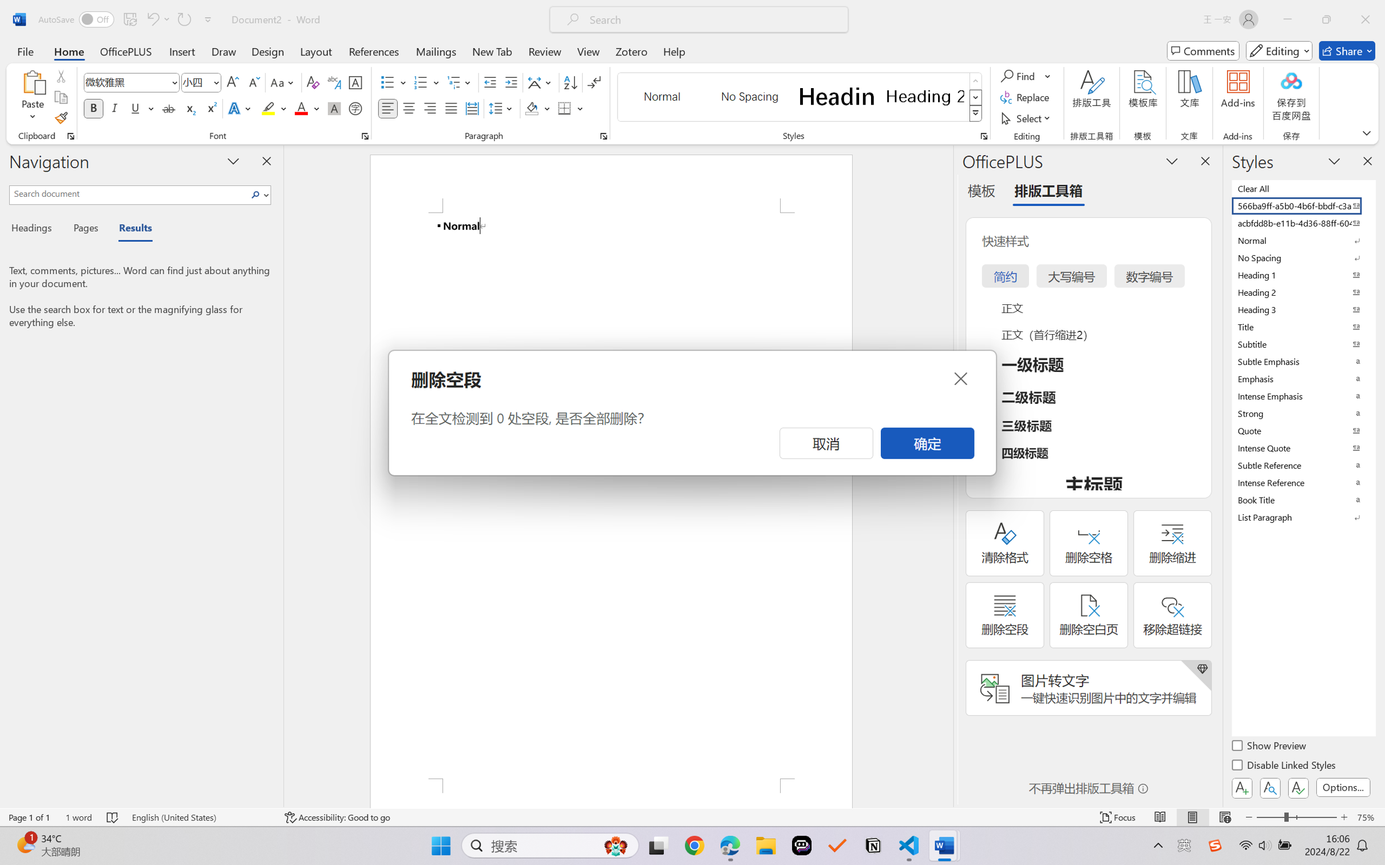  Describe the element at coordinates (210, 108) in the screenshot. I see `'Superscript'` at that location.